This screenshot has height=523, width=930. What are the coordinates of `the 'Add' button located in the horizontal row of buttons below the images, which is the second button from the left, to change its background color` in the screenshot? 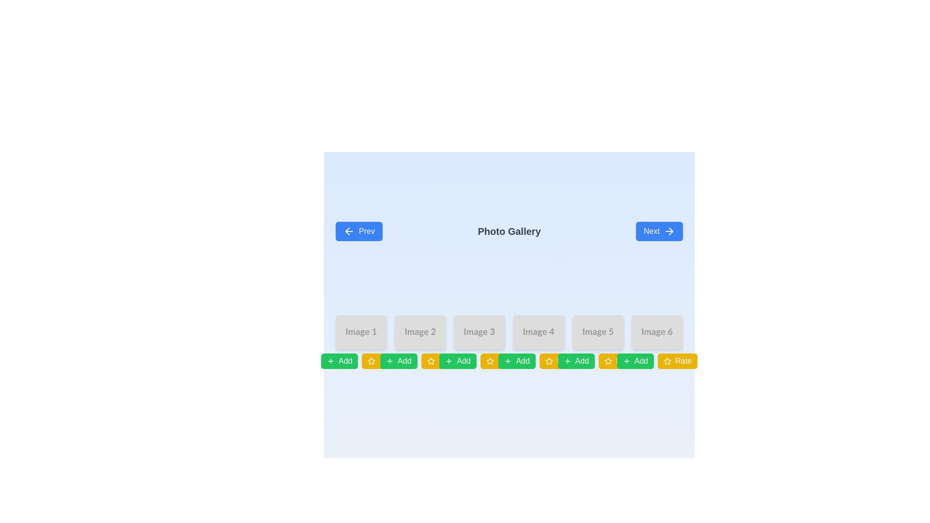 It's located at (399, 361).